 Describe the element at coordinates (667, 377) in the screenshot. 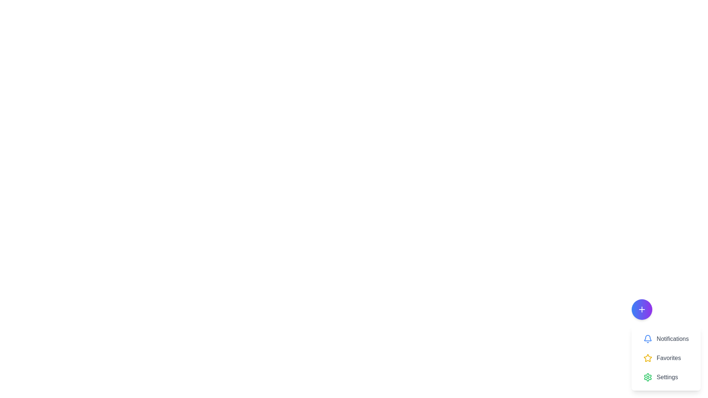

I see `the Text Label that provides information about the settings option, located in the bottom-right corner of the UI adjacent to the settings icon` at that location.